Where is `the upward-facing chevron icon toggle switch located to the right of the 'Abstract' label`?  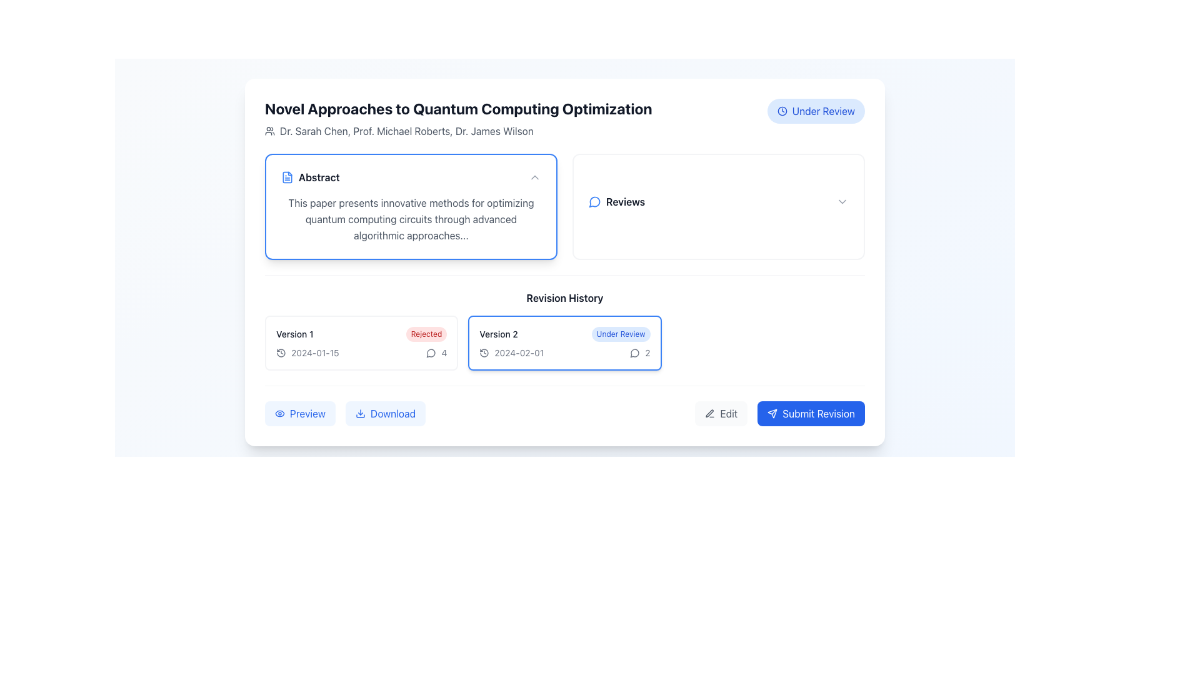
the upward-facing chevron icon toggle switch located to the right of the 'Abstract' label is located at coordinates (534, 177).